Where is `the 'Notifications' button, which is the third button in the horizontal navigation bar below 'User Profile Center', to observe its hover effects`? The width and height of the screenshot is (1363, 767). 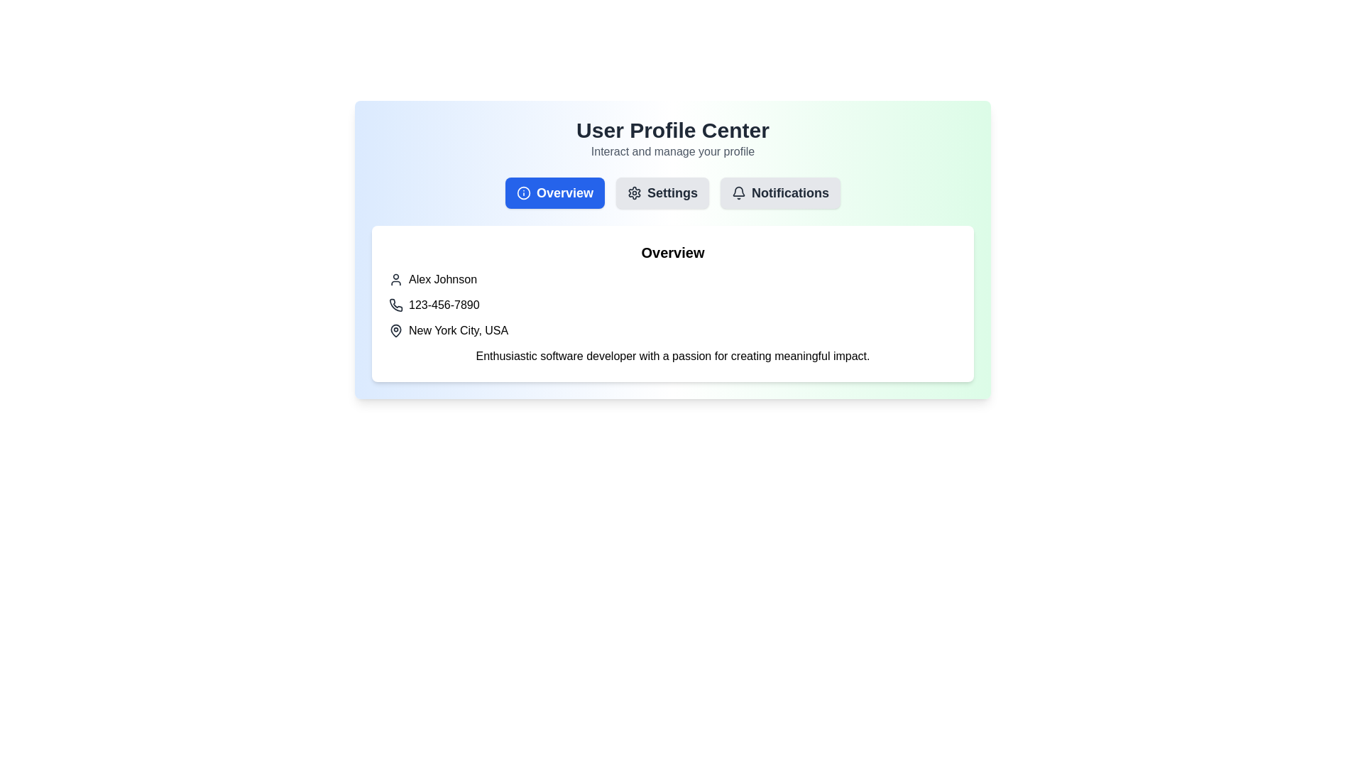 the 'Notifications' button, which is the third button in the horizontal navigation bar below 'User Profile Center', to observe its hover effects is located at coordinates (779, 193).